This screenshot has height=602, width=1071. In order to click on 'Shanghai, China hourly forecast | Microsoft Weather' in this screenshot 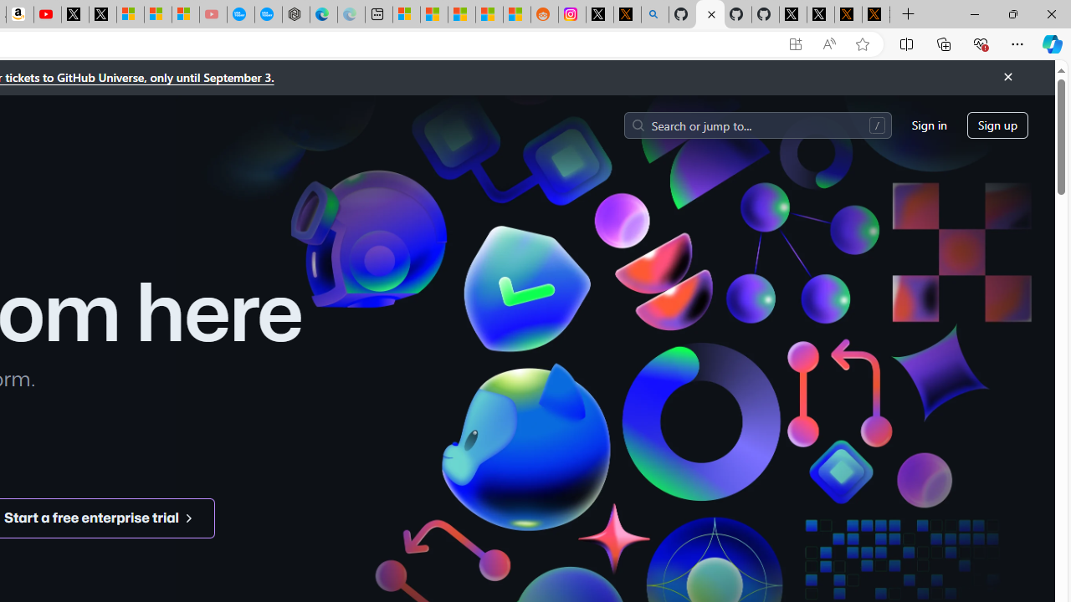, I will do `click(462, 14)`.